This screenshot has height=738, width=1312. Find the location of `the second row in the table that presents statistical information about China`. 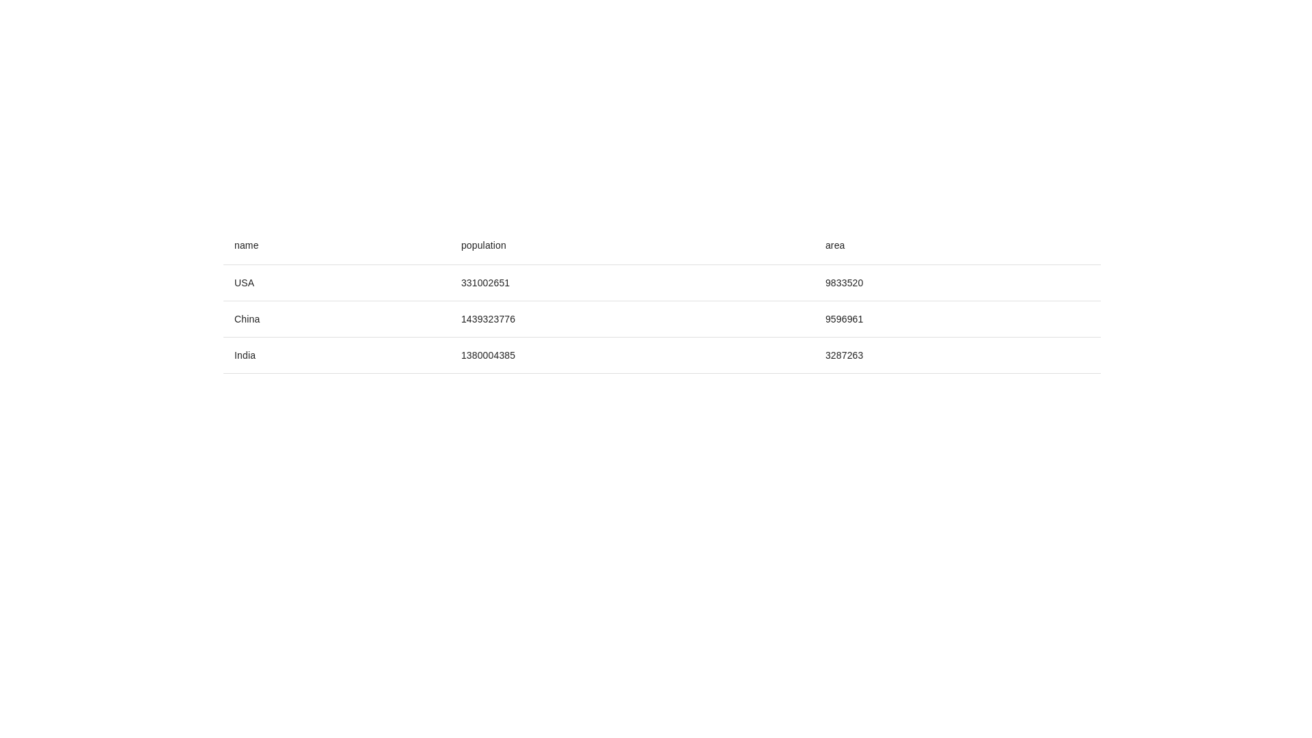

the second row in the table that presents statistical information about China is located at coordinates (662, 318).